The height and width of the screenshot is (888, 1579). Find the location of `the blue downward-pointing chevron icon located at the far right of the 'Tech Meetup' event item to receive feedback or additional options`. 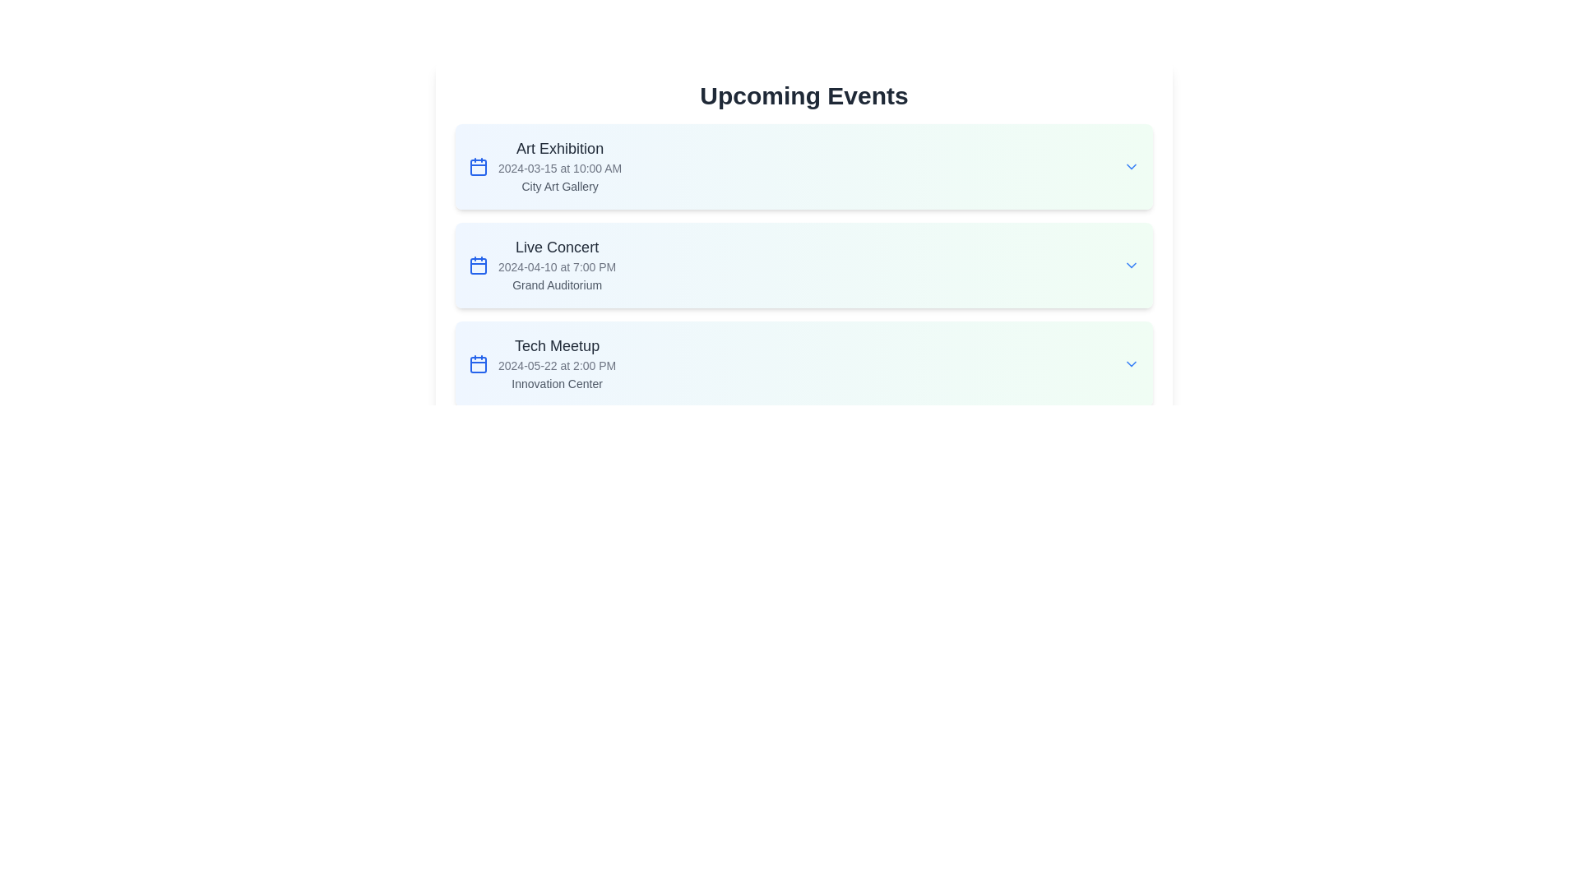

the blue downward-pointing chevron icon located at the far right of the 'Tech Meetup' event item to receive feedback or additional options is located at coordinates (1131, 363).